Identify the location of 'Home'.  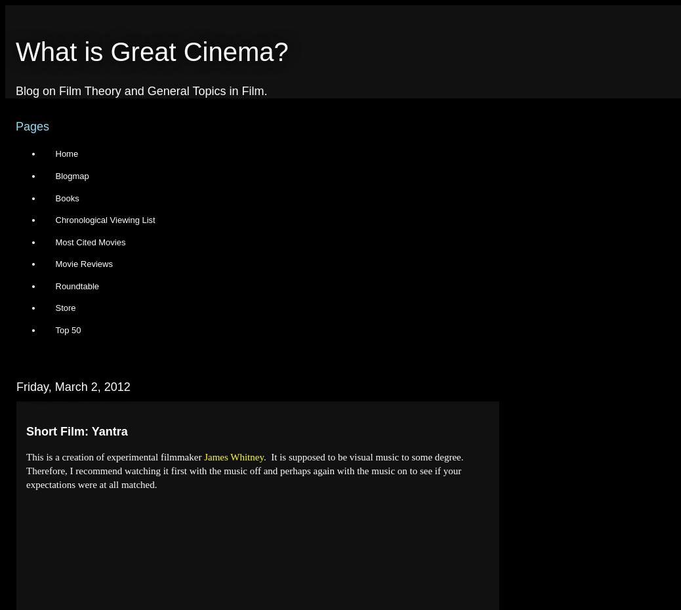
(66, 153).